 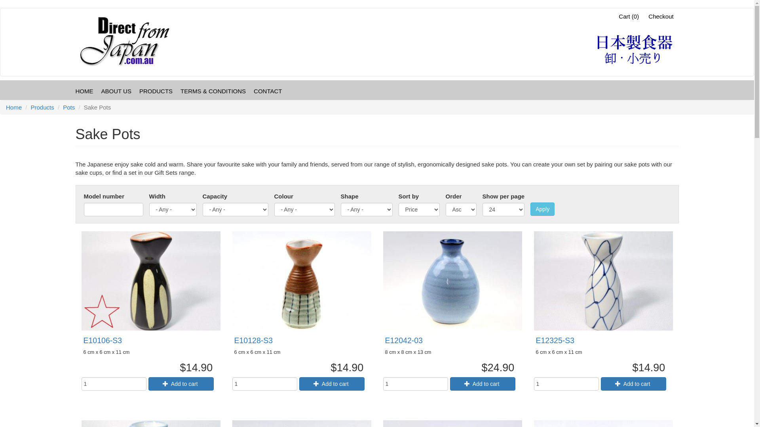 What do you see at coordinates (84, 91) in the screenshot?
I see `'HOME'` at bounding box center [84, 91].